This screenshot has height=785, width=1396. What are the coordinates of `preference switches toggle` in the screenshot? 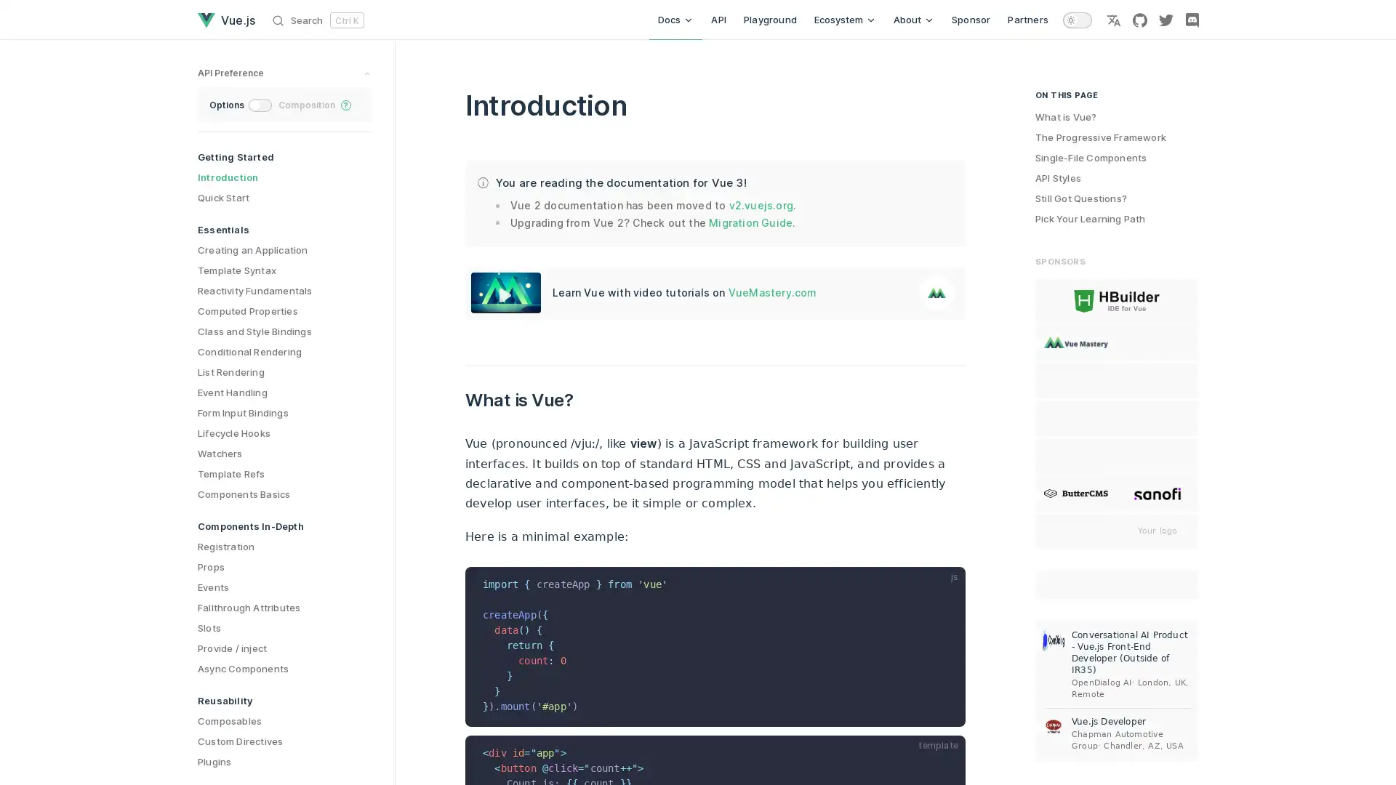 It's located at (284, 73).